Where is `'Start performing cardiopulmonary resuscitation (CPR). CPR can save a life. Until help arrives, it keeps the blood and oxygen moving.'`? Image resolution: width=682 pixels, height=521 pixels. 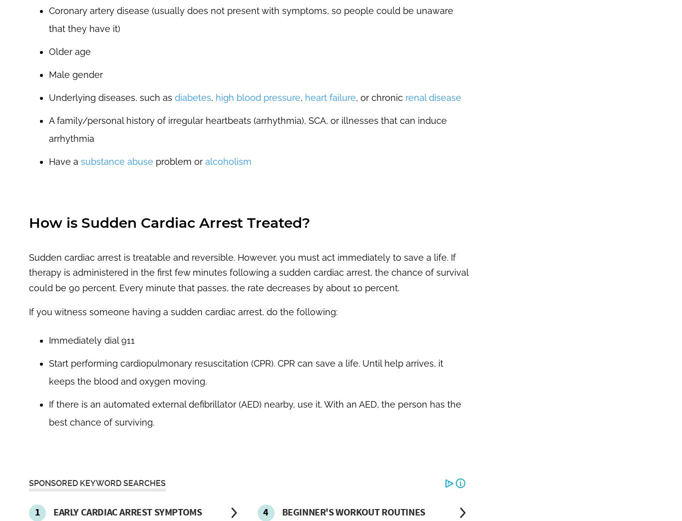
'Start performing cardiopulmonary resuscitation (CPR). CPR can save a life. Until help arrives, it keeps the blood and oxygen moving.' is located at coordinates (246, 372).